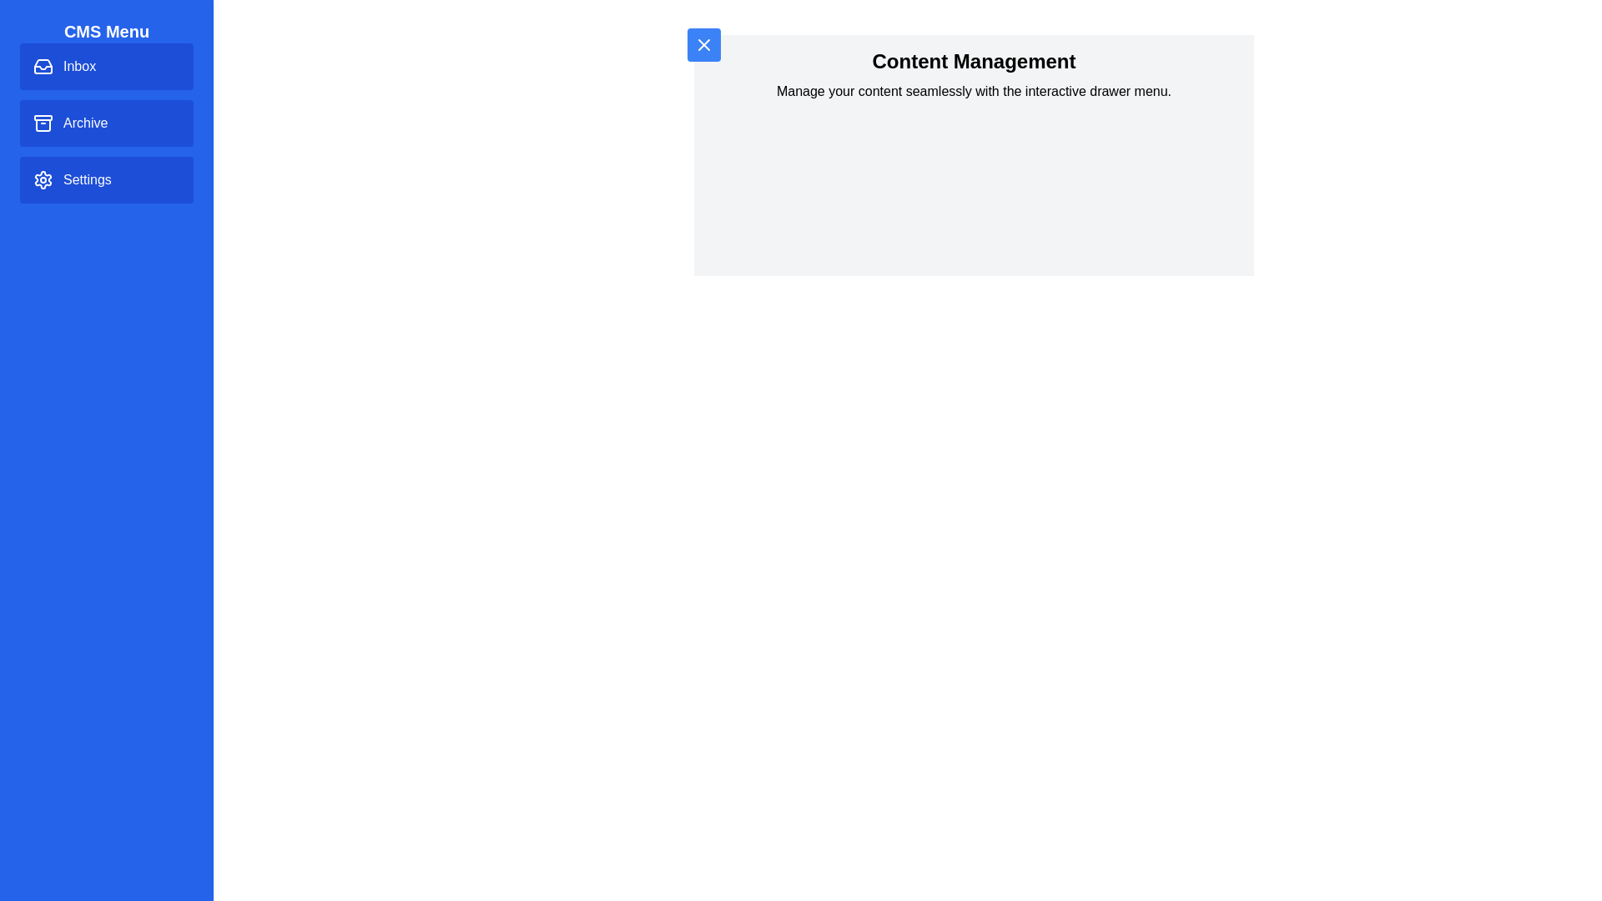 The height and width of the screenshot is (901, 1602). What do you see at coordinates (106, 180) in the screenshot?
I see `the menu item labeled Settings to observe the hover effect` at bounding box center [106, 180].